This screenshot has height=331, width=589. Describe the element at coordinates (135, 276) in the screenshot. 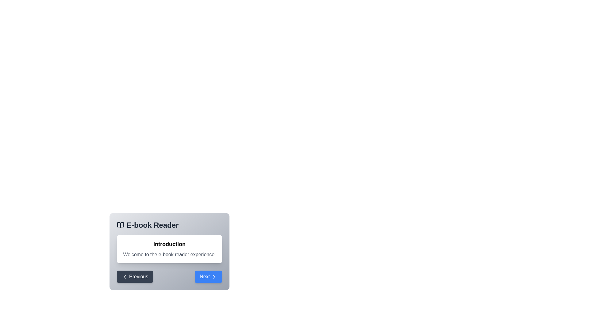

I see `the button located at the bottom-left corner of the navigation controls` at that location.